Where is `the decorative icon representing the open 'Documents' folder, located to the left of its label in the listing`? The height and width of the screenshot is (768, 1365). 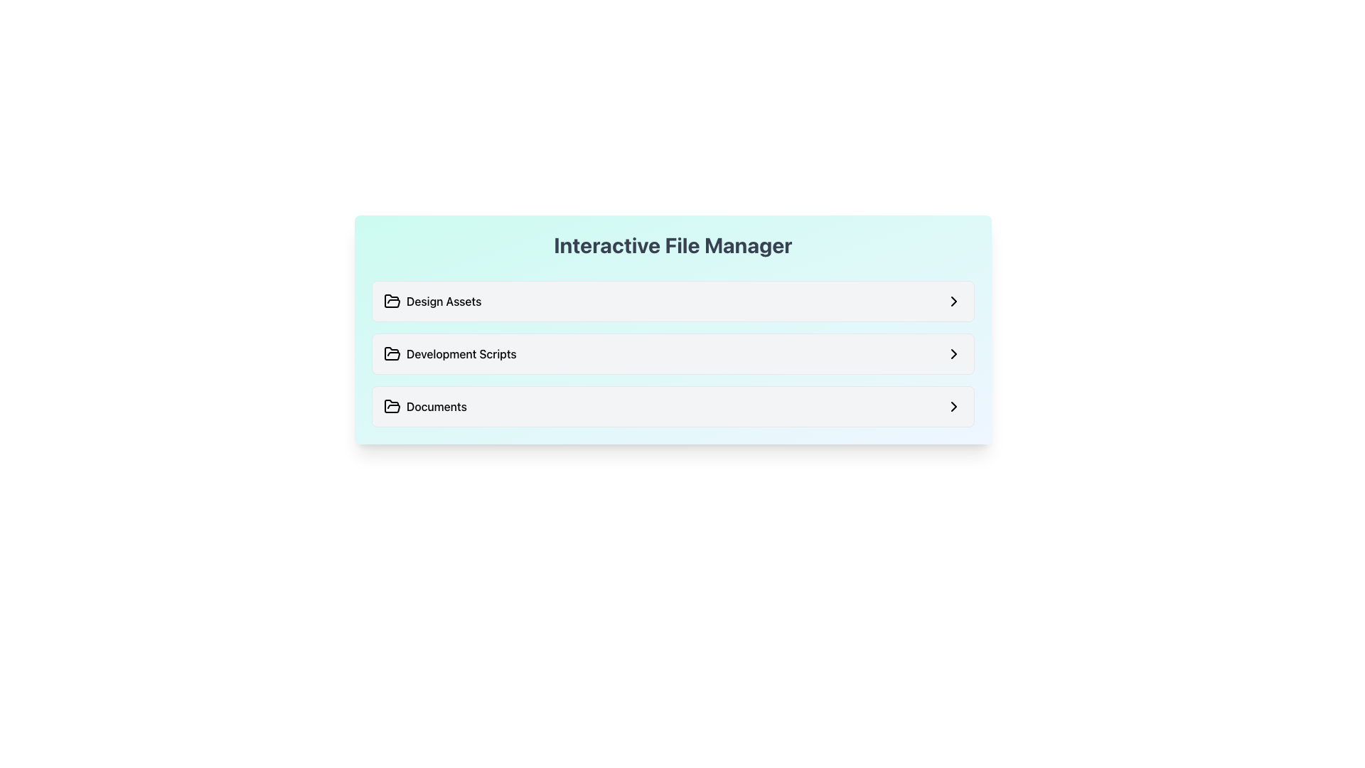 the decorative icon representing the open 'Documents' folder, located to the left of its label in the listing is located at coordinates (392, 406).